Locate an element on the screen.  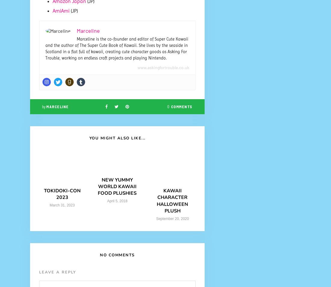
'Leave a Reply' is located at coordinates (57, 272).